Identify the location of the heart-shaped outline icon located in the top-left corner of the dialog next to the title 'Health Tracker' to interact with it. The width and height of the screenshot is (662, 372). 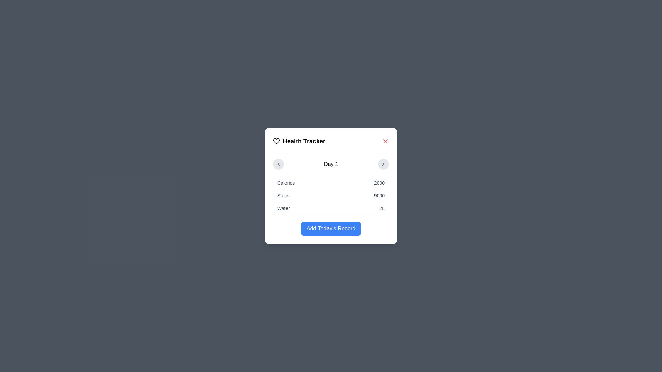
(276, 141).